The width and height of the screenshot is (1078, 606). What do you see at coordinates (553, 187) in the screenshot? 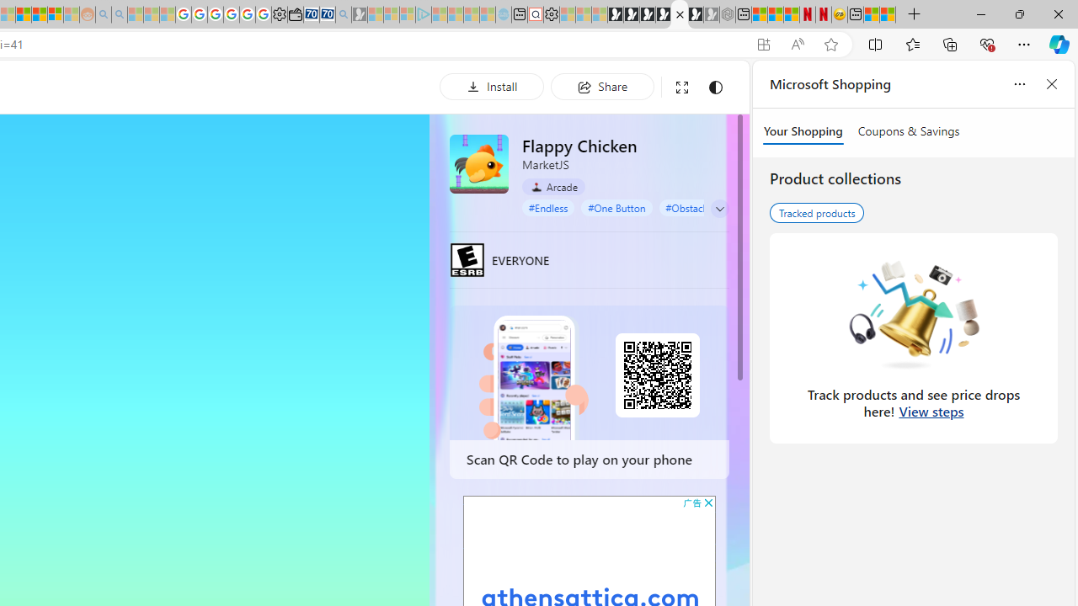
I see `'Arcade'` at bounding box center [553, 187].